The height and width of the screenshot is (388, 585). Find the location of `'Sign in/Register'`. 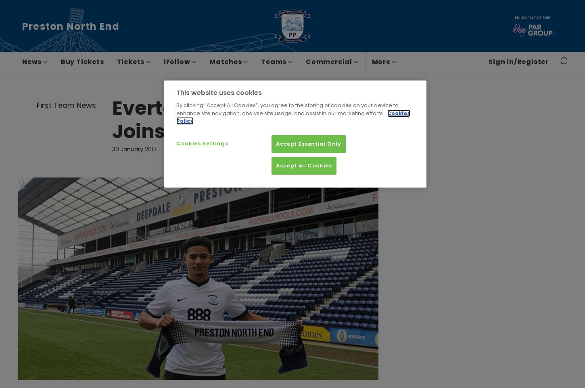

'Sign in/Register' is located at coordinates (489, 62).